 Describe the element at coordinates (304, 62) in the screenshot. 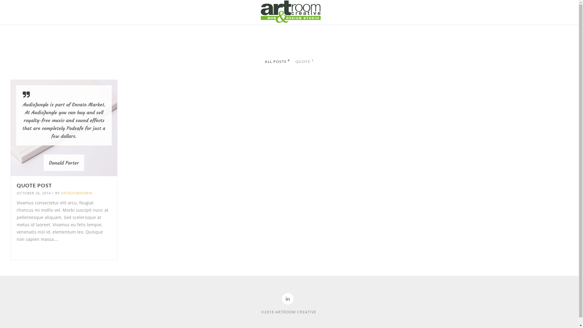

I see `'QUOTE 1'` at that location.